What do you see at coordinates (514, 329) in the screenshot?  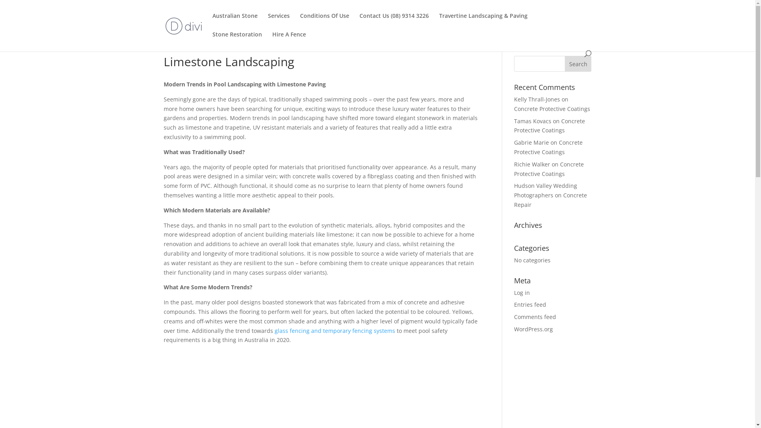 I see `'WordPress.org'` at bounding box center [514, 329].